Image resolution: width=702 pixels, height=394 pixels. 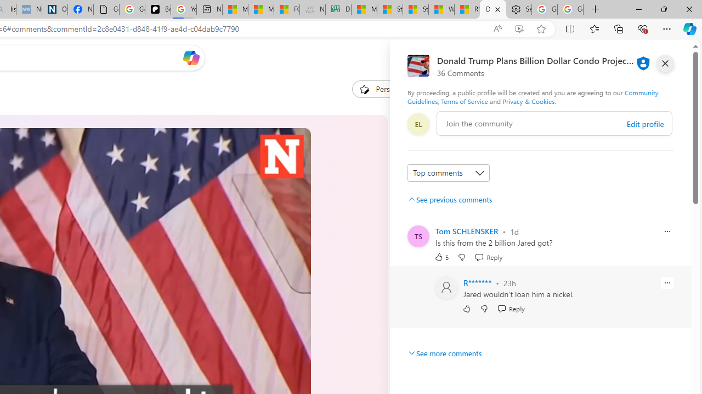 What do you see at coordinates (450, 199) in the screenshot?
I see `'See previous comments'` at bounding box center [450, 199].